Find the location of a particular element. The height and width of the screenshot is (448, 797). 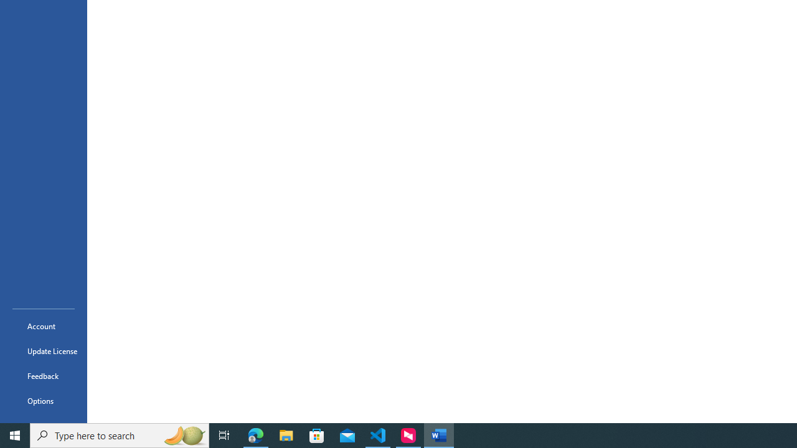

'Feedback' is located at coordinates (43, 375).